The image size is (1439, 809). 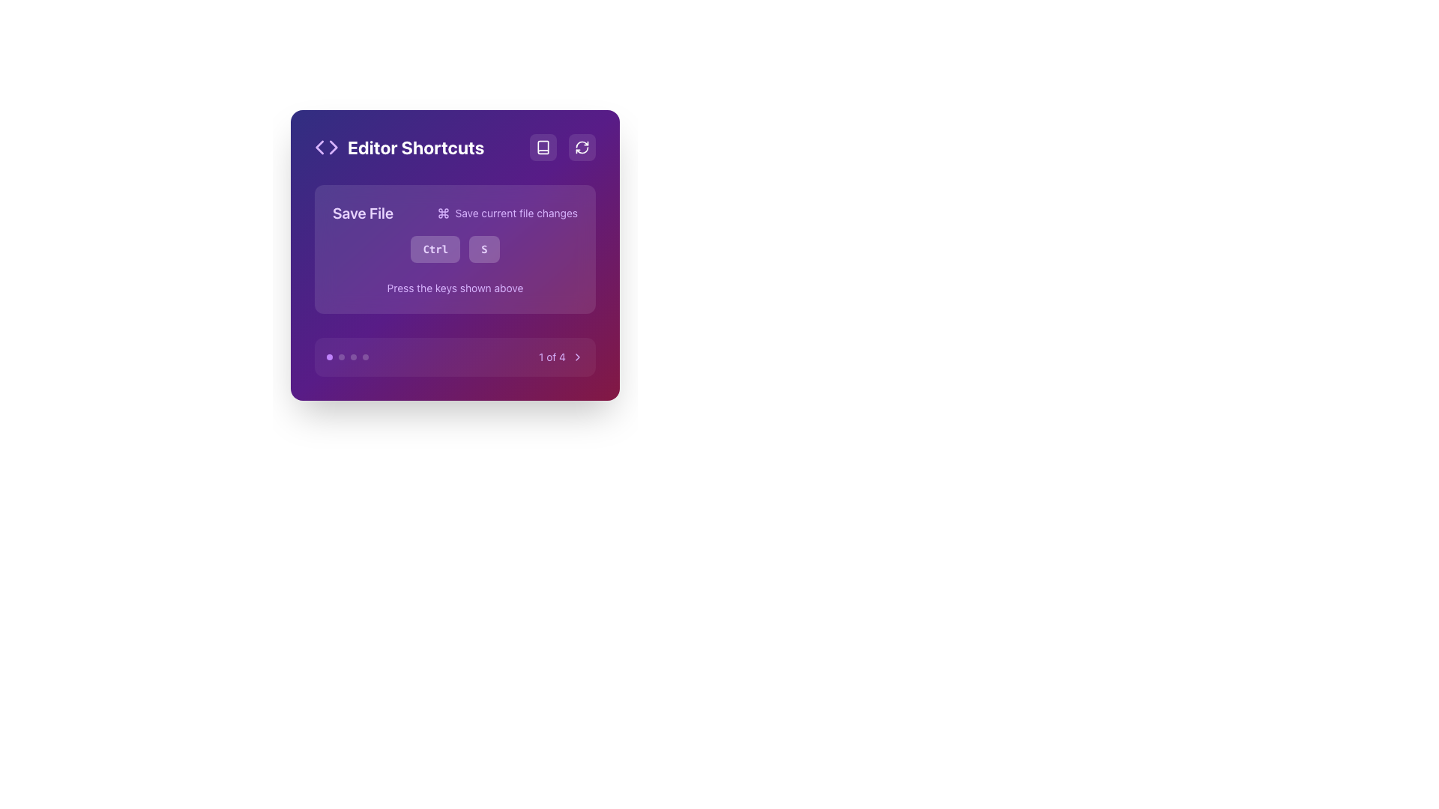 I want to click on the 'Editor Shortcuts' text heading, which is prominently displayed in a large bold white font within a purple gradient header section, so click(x=454, y=147).